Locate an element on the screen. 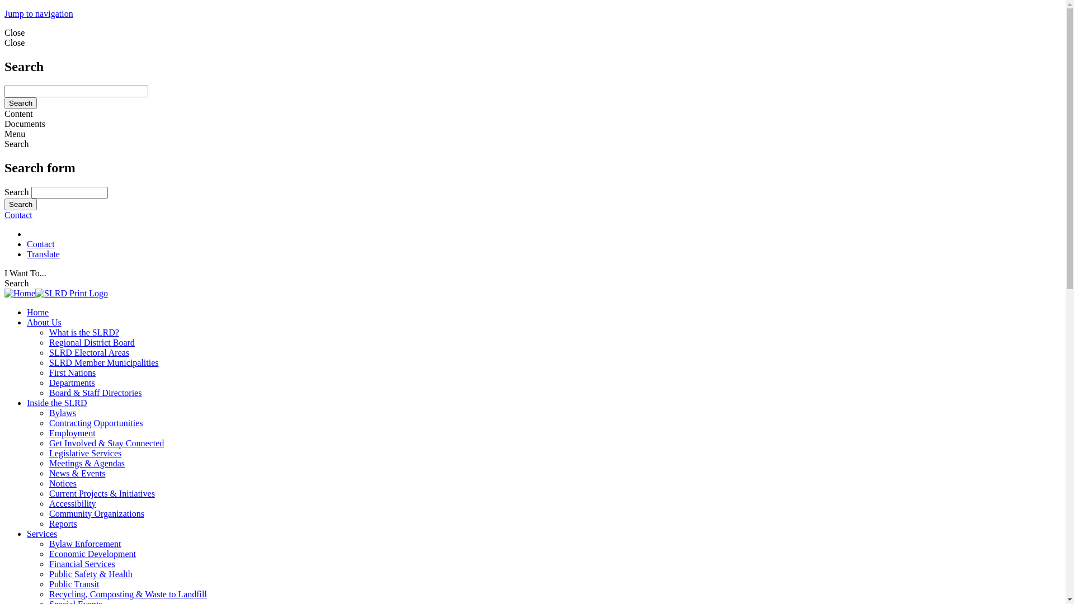  'Contracting Opportunities' is located at coordinates (96, 423).